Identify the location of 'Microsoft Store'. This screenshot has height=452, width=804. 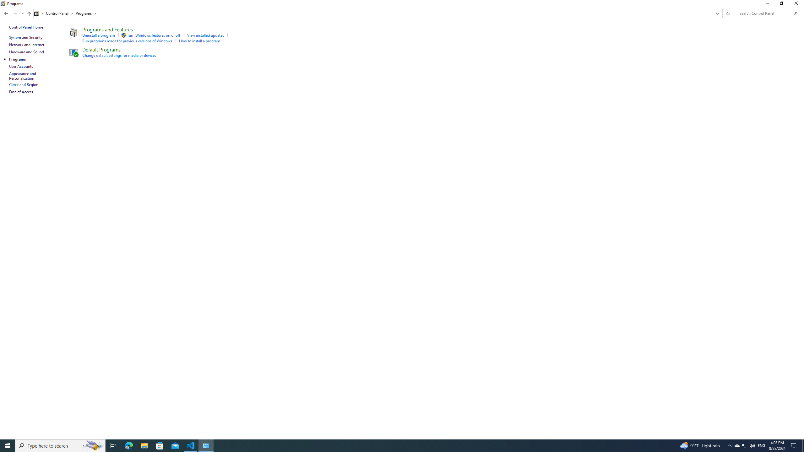
(160, 445).